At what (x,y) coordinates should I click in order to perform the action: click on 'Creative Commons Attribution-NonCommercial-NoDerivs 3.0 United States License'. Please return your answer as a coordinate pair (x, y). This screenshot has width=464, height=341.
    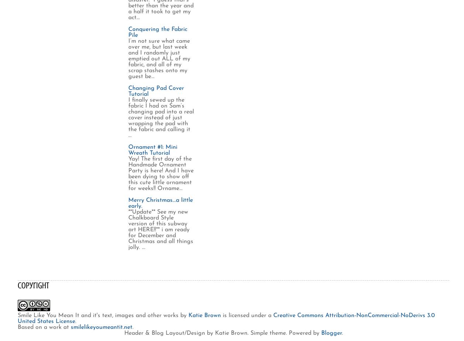
    Looking at the image, I should click on (226, 318).